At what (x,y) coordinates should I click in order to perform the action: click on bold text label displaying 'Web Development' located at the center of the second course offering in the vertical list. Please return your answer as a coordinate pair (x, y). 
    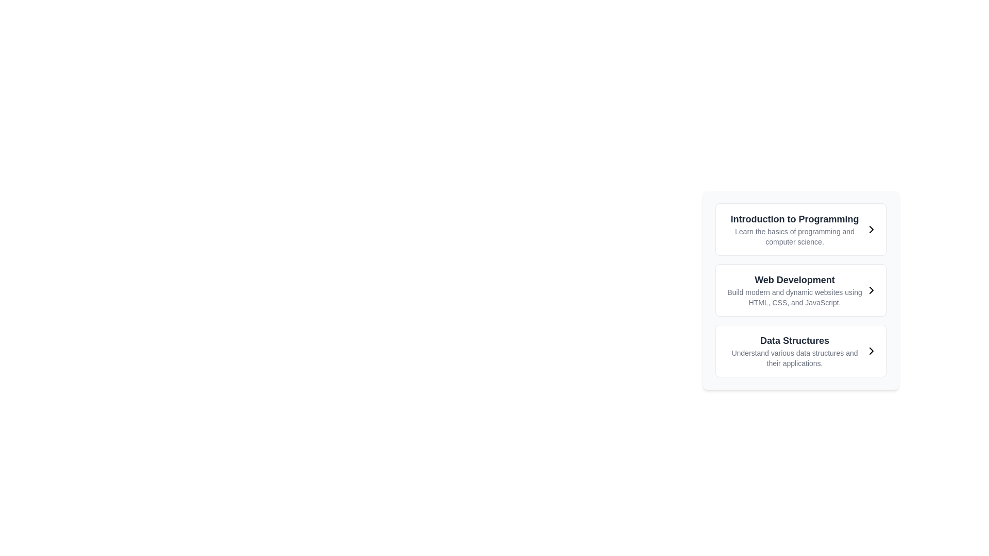
    Looking at the image, I should click on (794, 280).